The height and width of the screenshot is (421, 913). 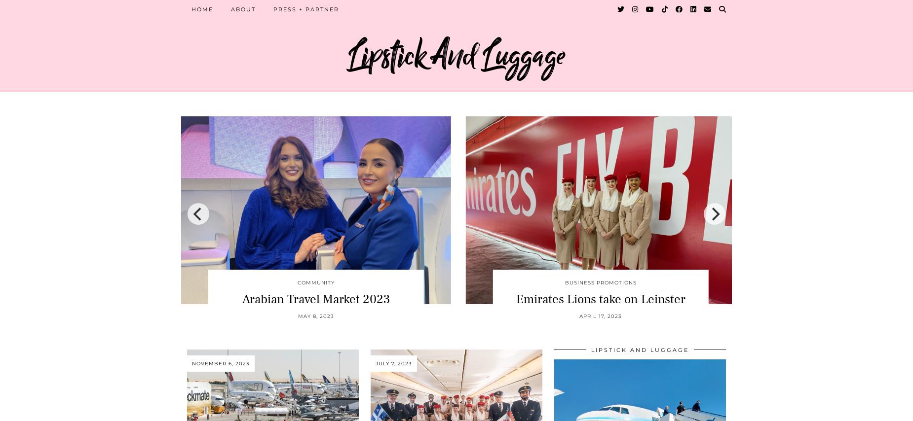 I want to click on 'Community', so click(x=315, y=281).